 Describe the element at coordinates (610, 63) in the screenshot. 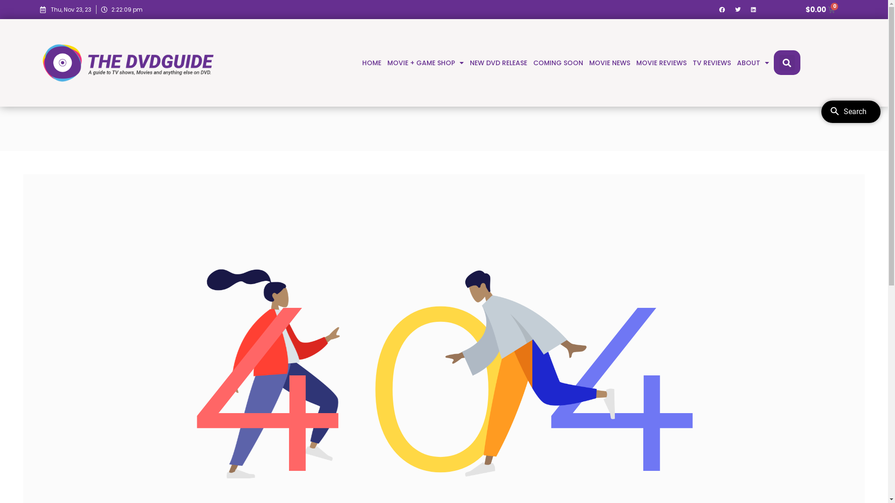

I see `'MOVIE NEWS'` at that location.